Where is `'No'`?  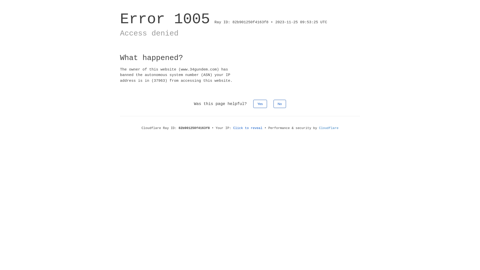
'No' is located at coordinates (279, 103).